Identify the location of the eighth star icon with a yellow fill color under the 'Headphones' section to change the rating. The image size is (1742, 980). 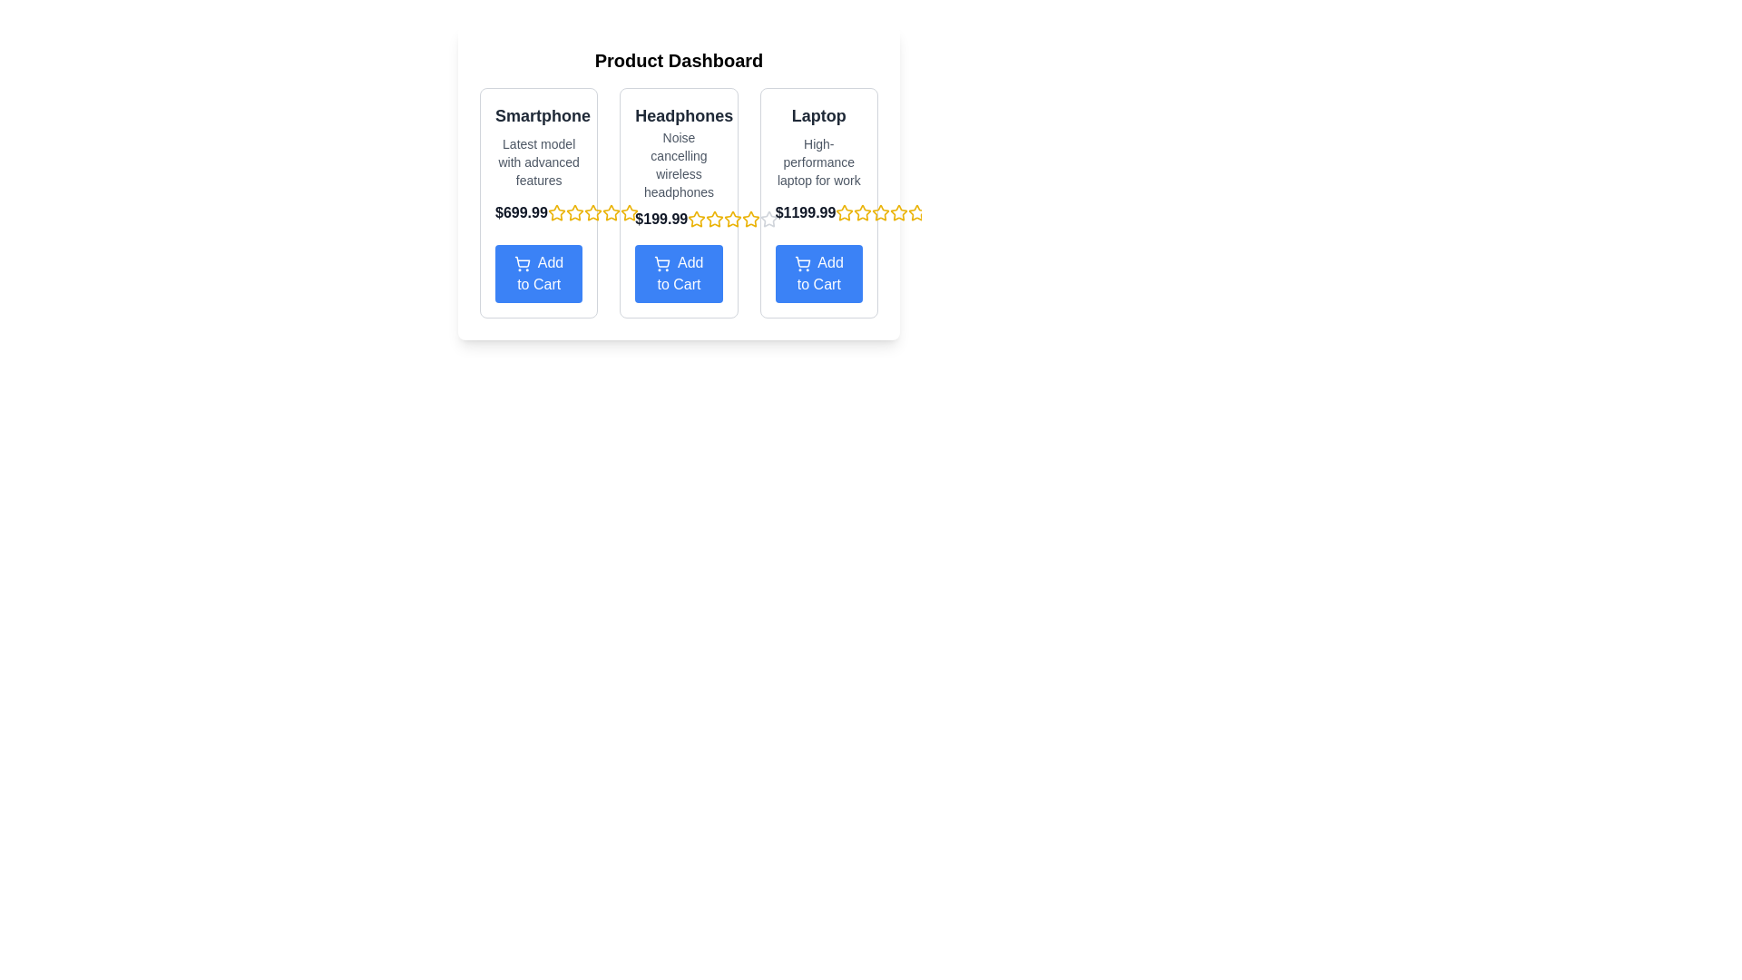
(629, 212).